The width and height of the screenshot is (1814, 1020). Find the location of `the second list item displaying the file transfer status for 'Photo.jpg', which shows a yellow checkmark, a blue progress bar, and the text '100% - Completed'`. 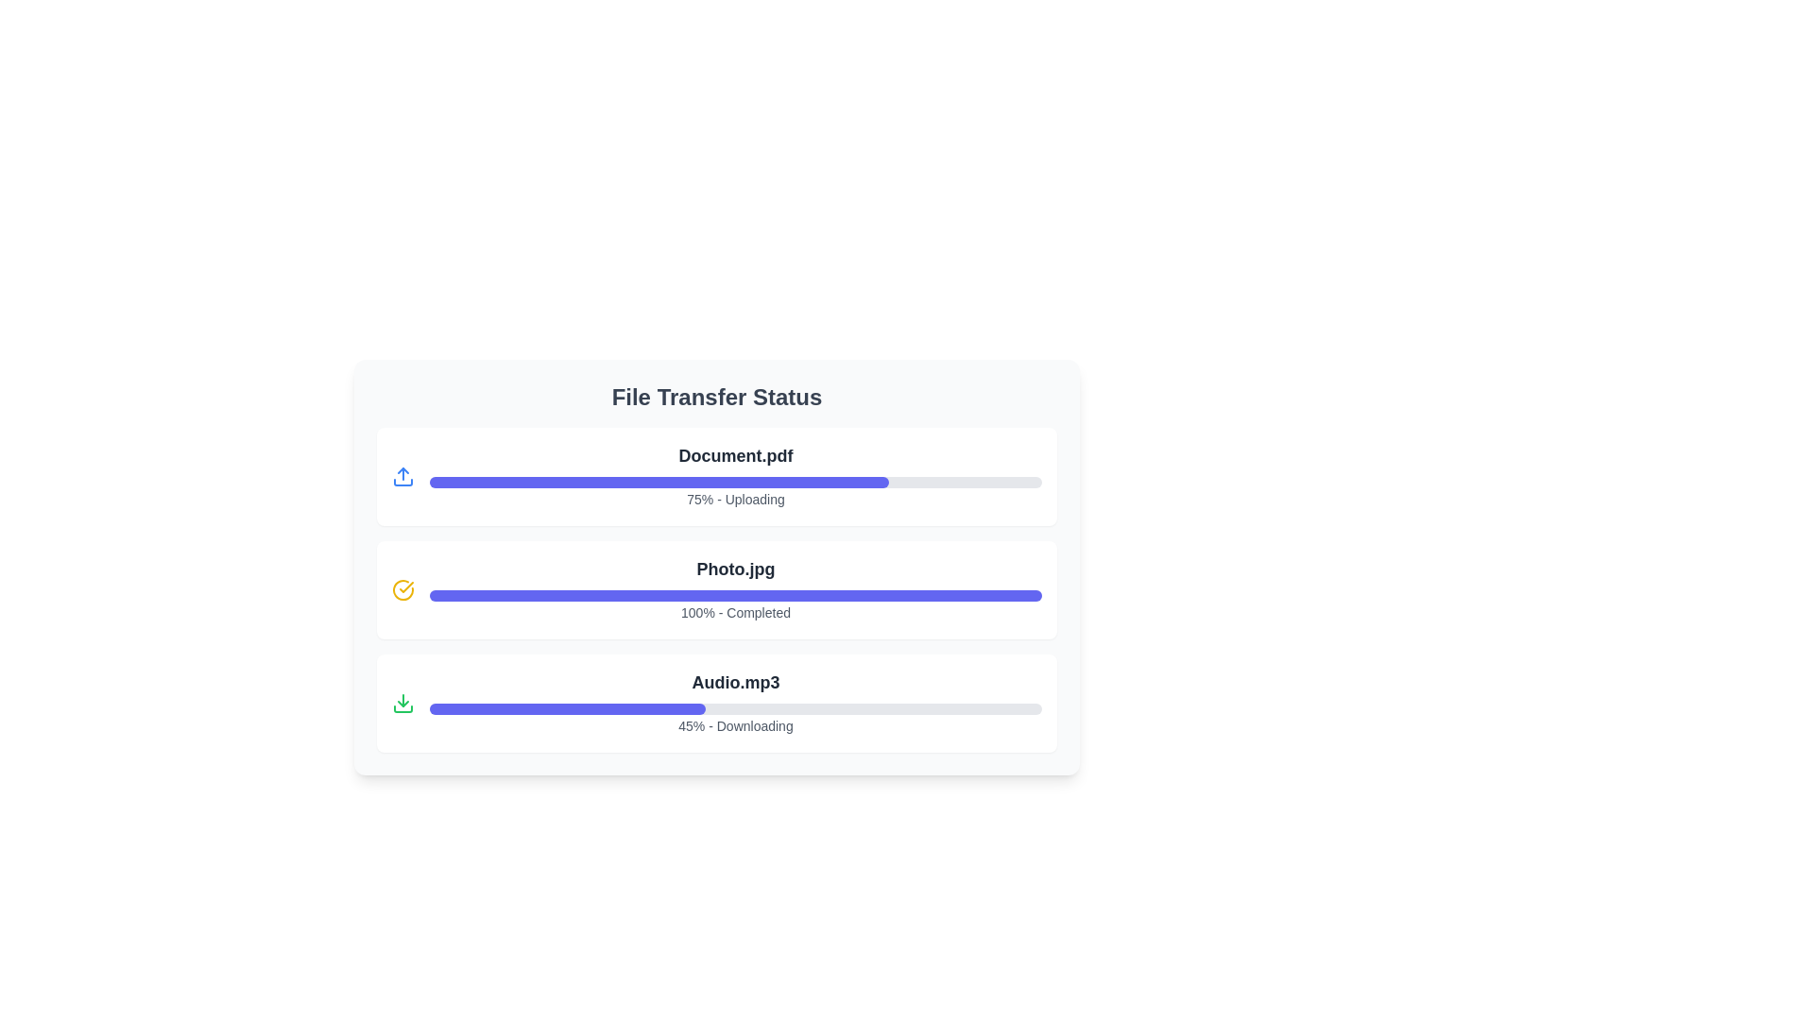

the second list item displaying the file transfer status for 'Photo.jpg', which shows a yellow checkmark, a blue progress bar, and the text '100% - Completed' is located at coordinates (715, 588).